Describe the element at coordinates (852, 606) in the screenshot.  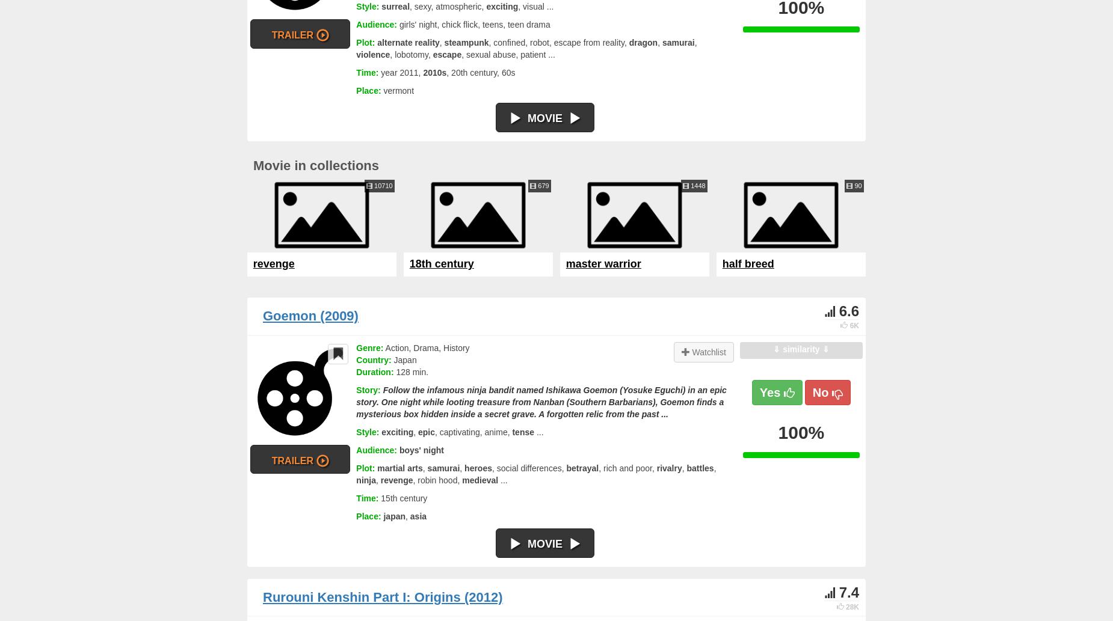
I see `'28K'` at that location.